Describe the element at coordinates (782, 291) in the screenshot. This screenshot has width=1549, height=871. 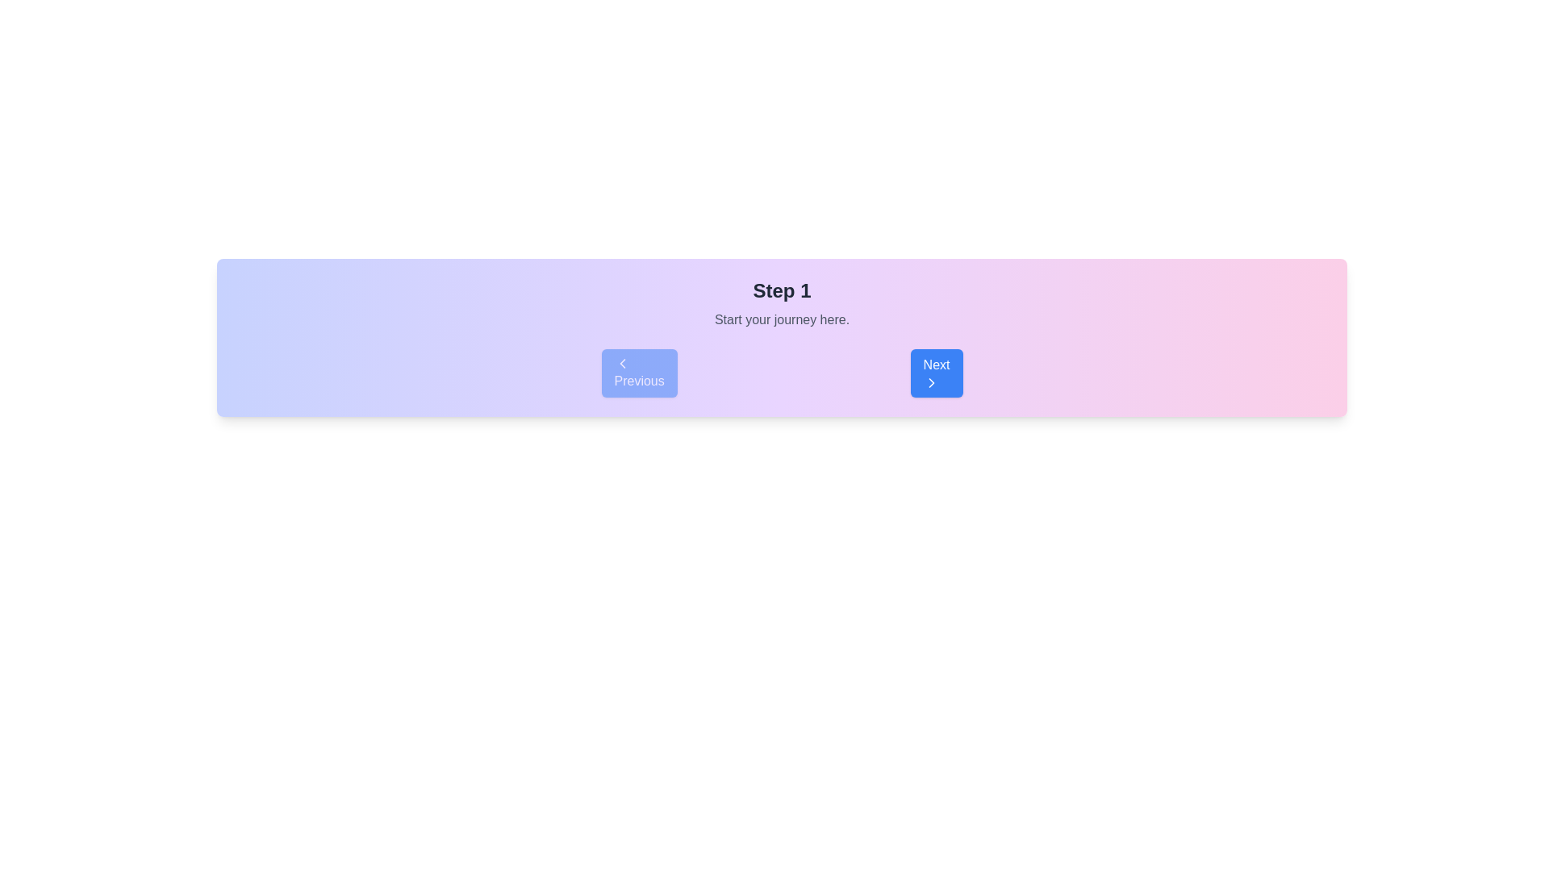
I see `the static text label 'Step 1' which is styled in bold, large dark gray font on a gradient purple and pink background, located at the top center of the section` at that location.